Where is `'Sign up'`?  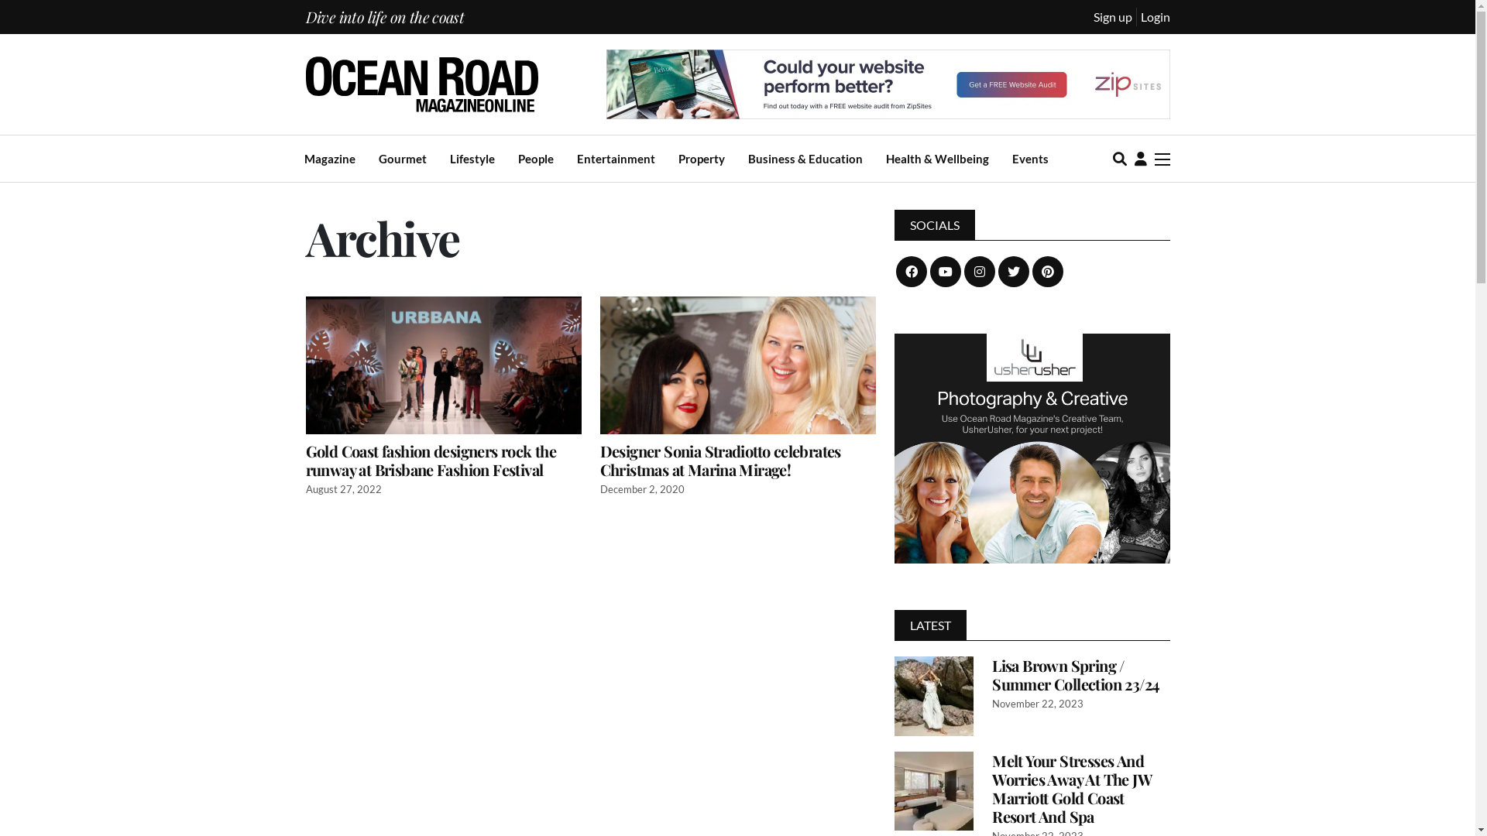
'Sign up' is located at coordinates (1111, 16).